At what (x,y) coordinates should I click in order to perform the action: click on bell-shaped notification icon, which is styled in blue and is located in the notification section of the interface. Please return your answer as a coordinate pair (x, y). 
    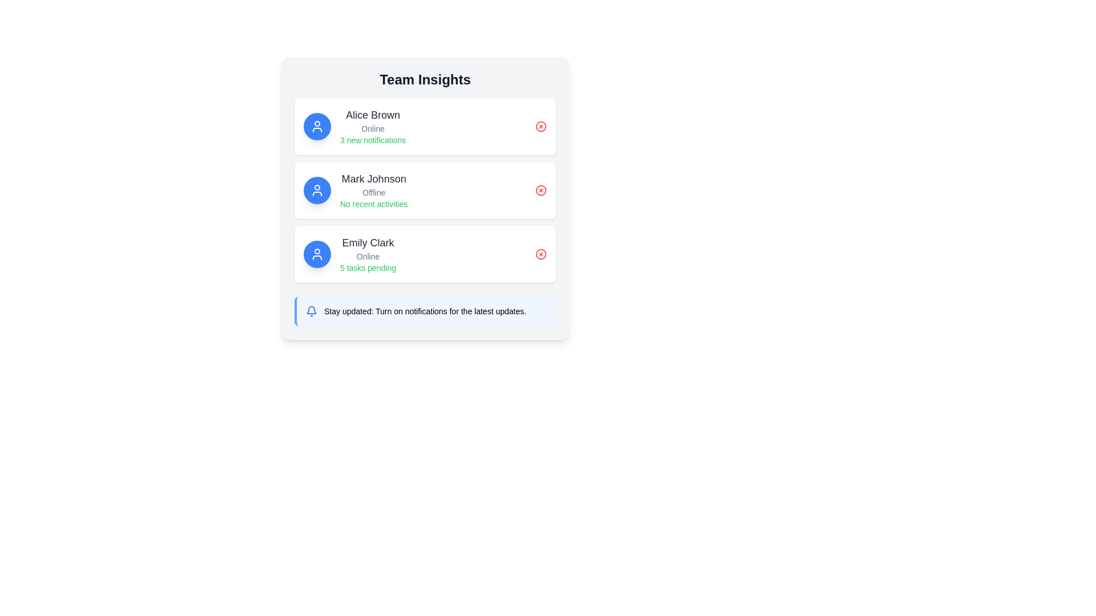
    Looking at the image, I should click on (312, 310).